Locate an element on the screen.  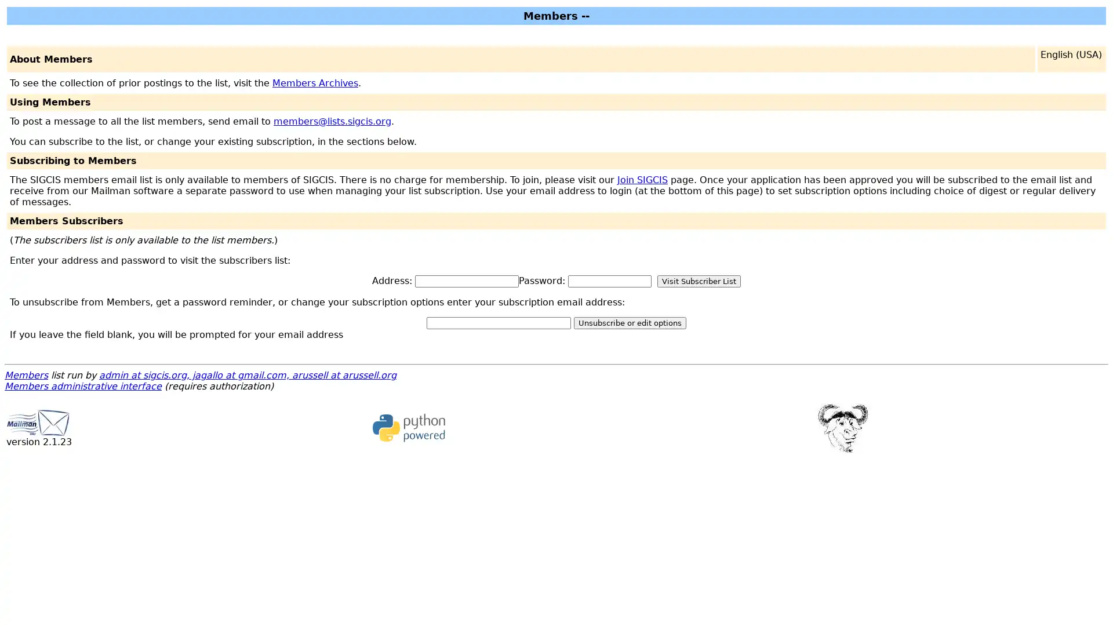
Visit Subscriber List is located at coordinates (698, 281).